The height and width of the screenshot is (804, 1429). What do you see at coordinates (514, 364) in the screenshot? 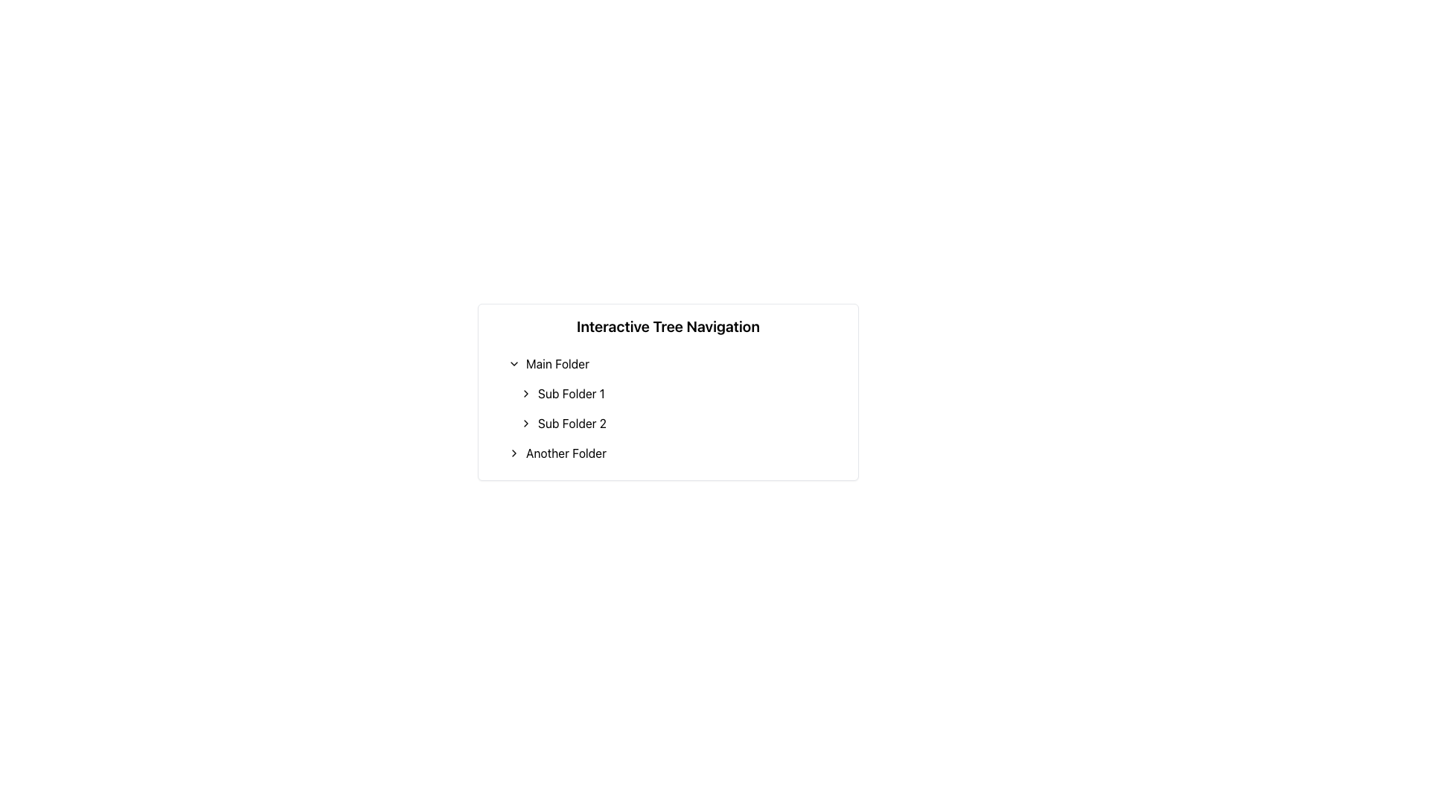
I see `the downward-facing chevron icon next to the 'Main Folder' label` at bounding box center [514, 364].